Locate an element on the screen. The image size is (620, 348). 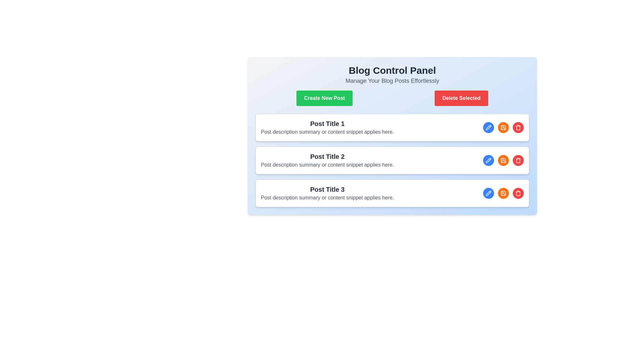
the text content area displaying a heading and a supporting description, which is the second entry in a vertical list of three similar cards is located at coordinates (327, 160).